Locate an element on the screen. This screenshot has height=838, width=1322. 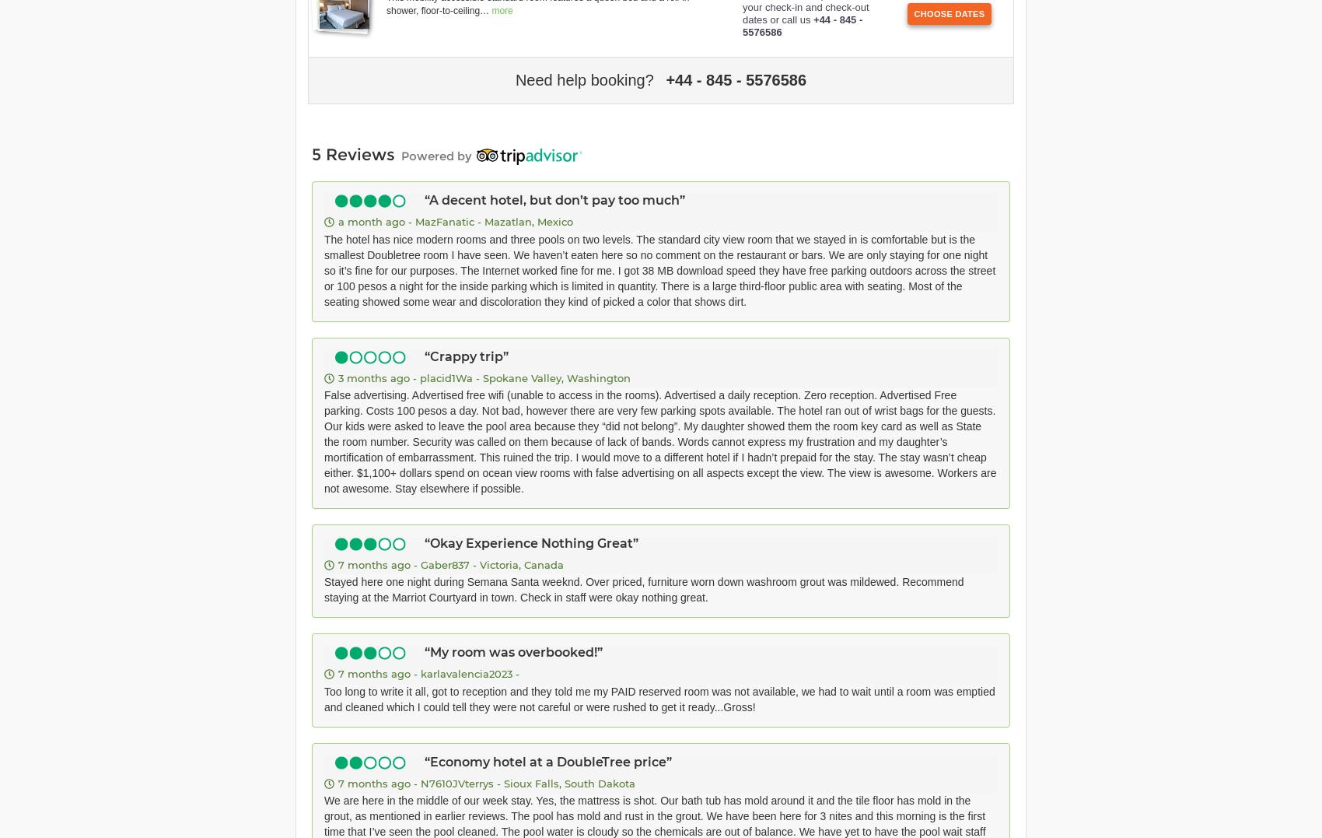
'Economy hotel at a DoubleTree price' is located at coordinates (547, 761).